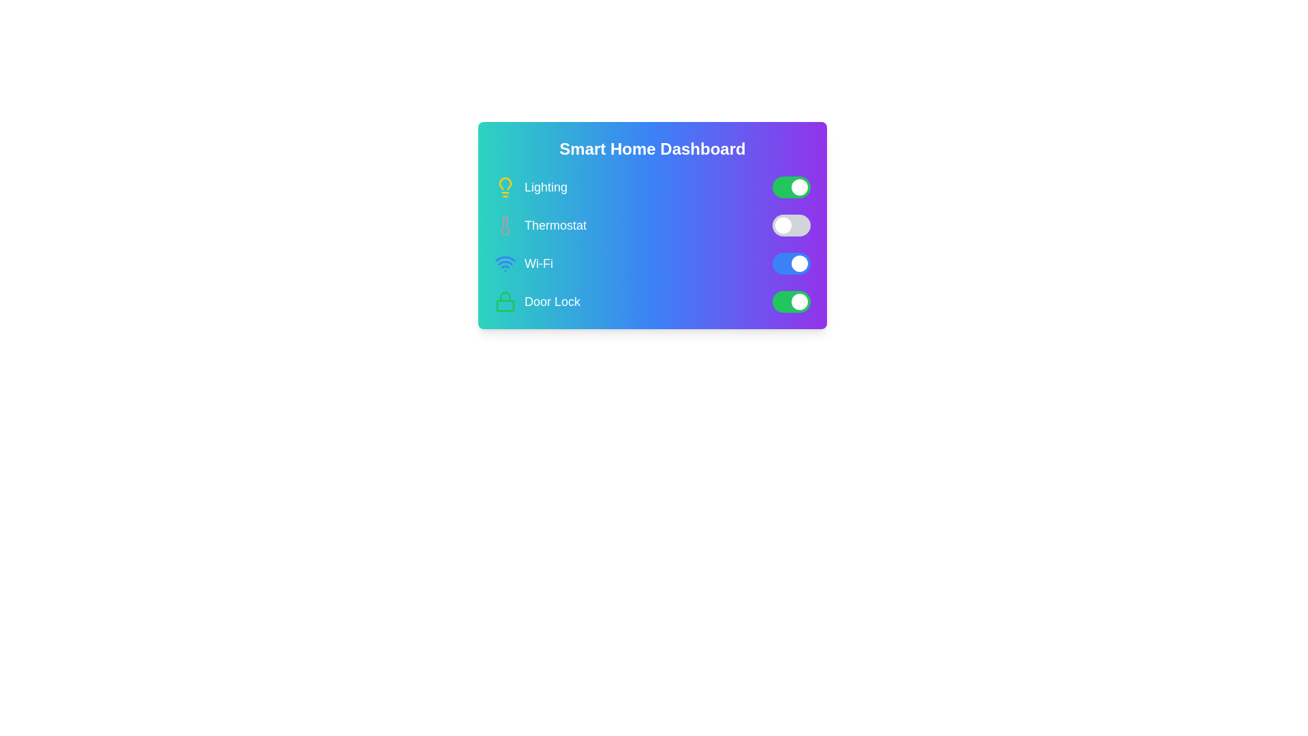  I want to click on the Label with a green lock icon and the text 'Door Lock' located at the bottom left corner of the Smart Home Dashboard controls, so click(536, 301).